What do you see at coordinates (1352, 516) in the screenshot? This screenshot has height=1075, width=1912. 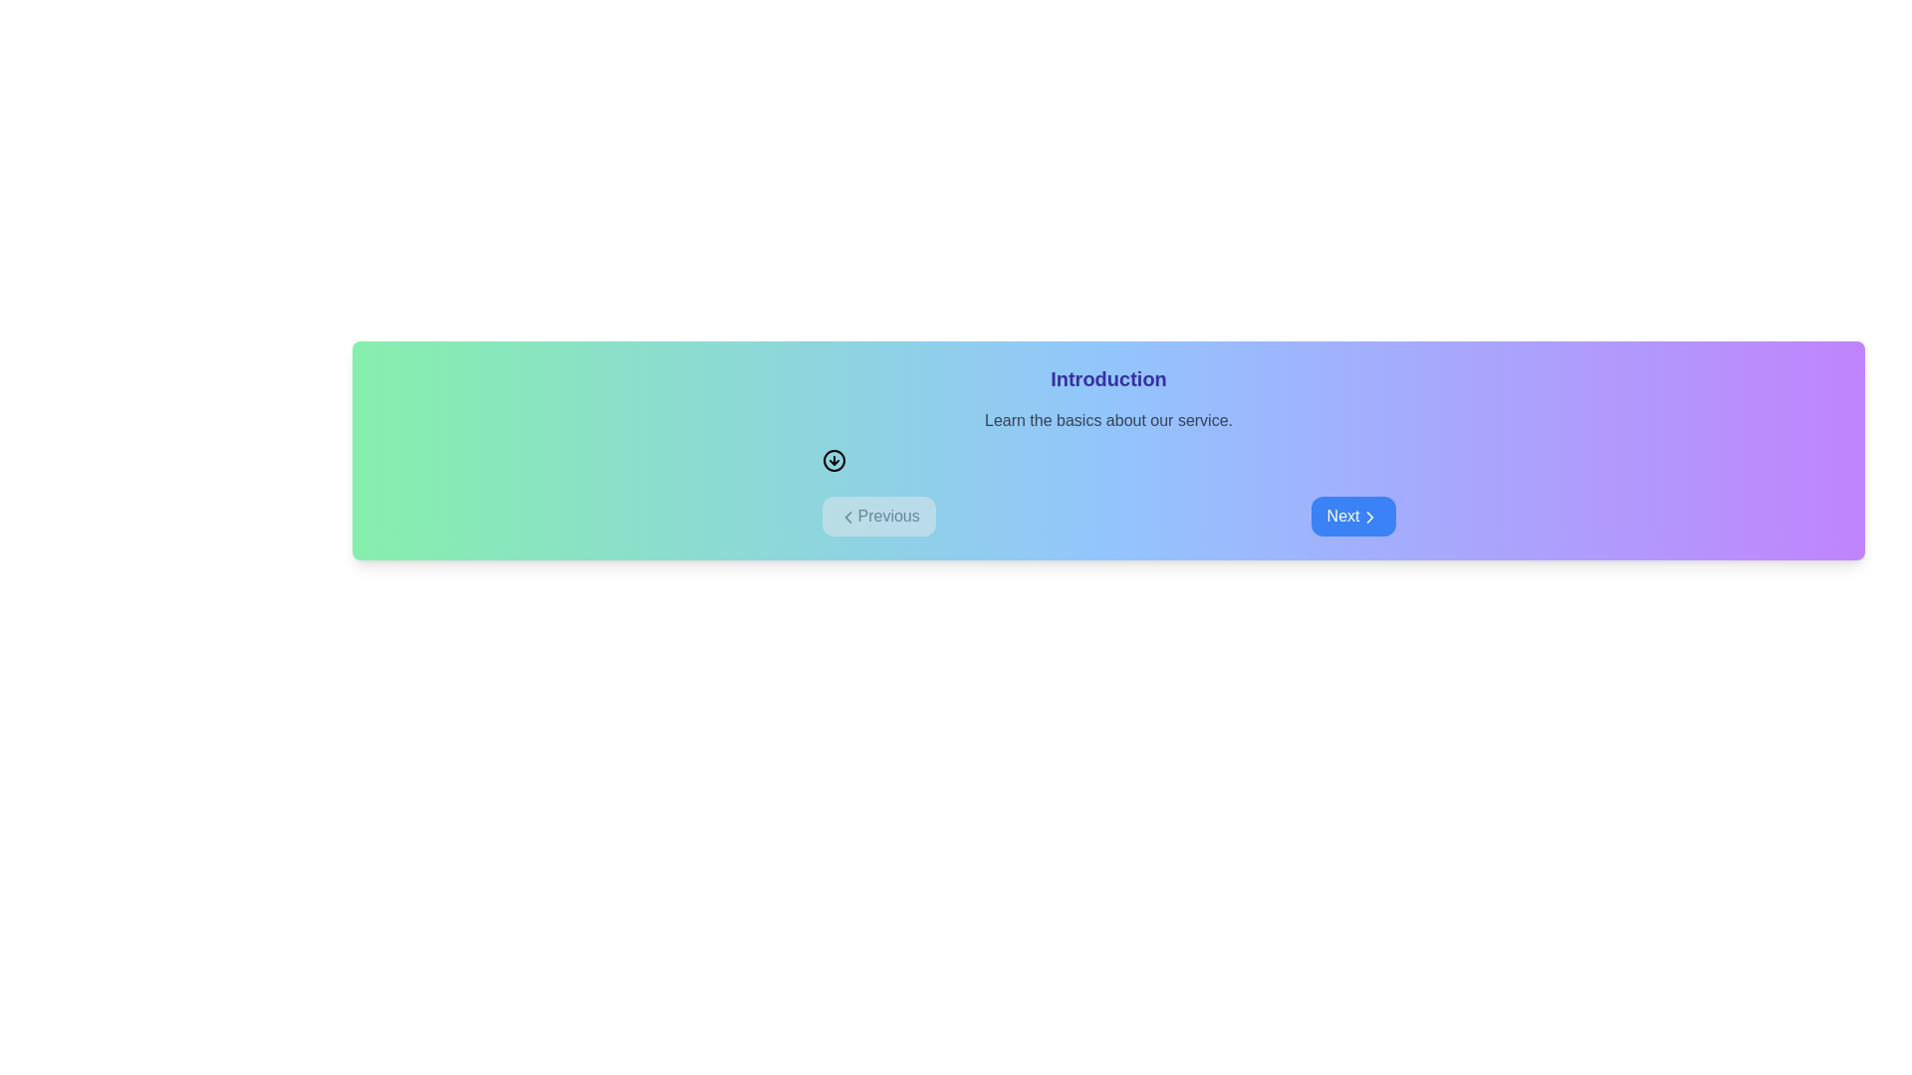 I see `the 'Next' button with a blue background and white text` at bounding box center [1352, 516].